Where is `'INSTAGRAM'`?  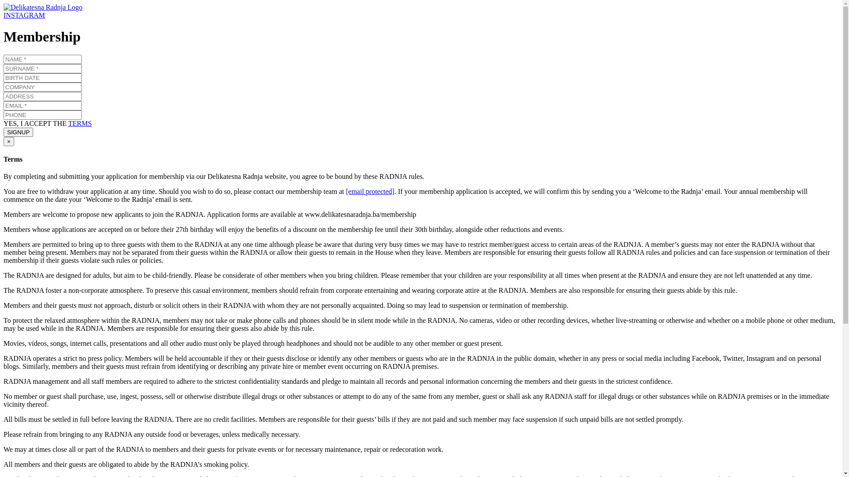
'INSTAGRAM' is located at coordinates (24, 15).